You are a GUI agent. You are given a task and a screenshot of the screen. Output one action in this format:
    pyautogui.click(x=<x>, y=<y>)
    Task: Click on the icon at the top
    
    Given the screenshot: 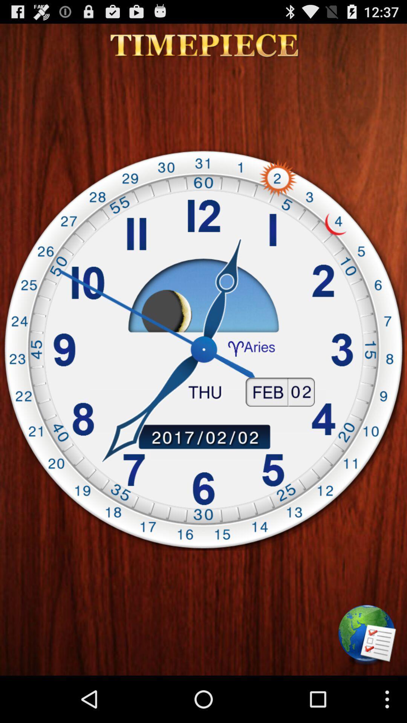 What is the action you would take?
    pyautogui.click(x=203, y=45)
    